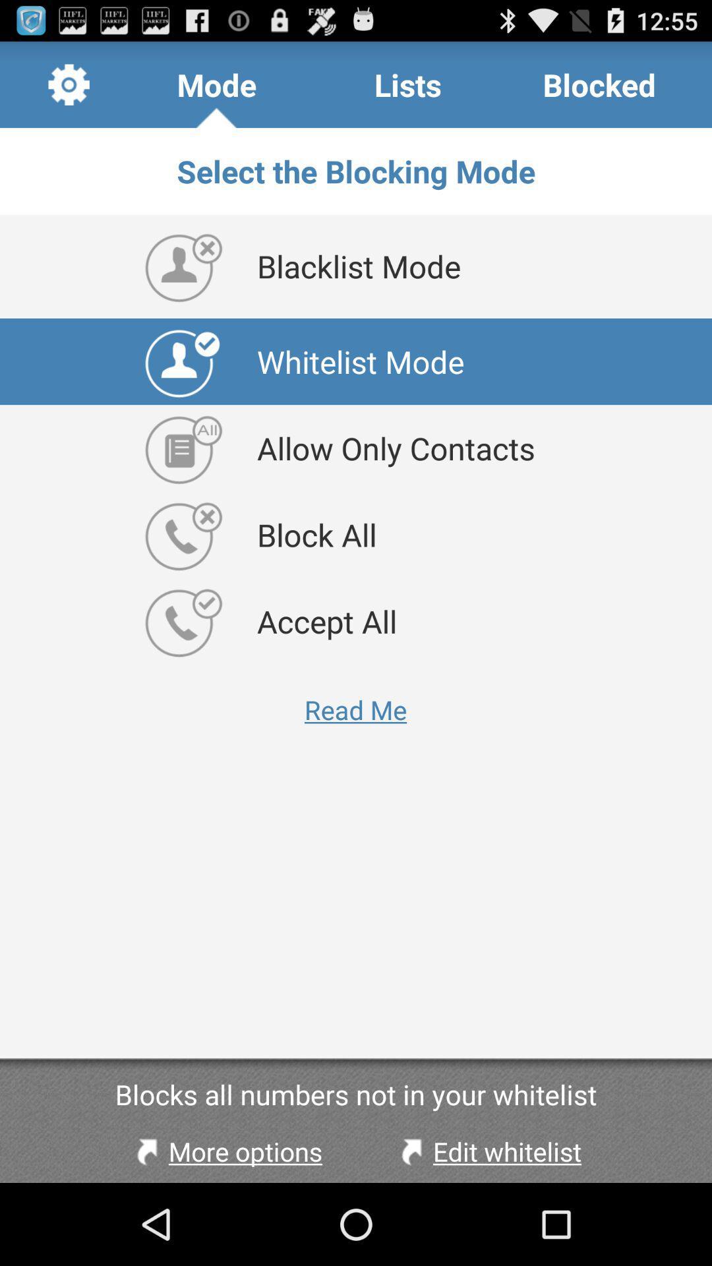  Describe the element at coordinates (488, 1151) in the screenshot. I see `the edit whitelist item` at that location.